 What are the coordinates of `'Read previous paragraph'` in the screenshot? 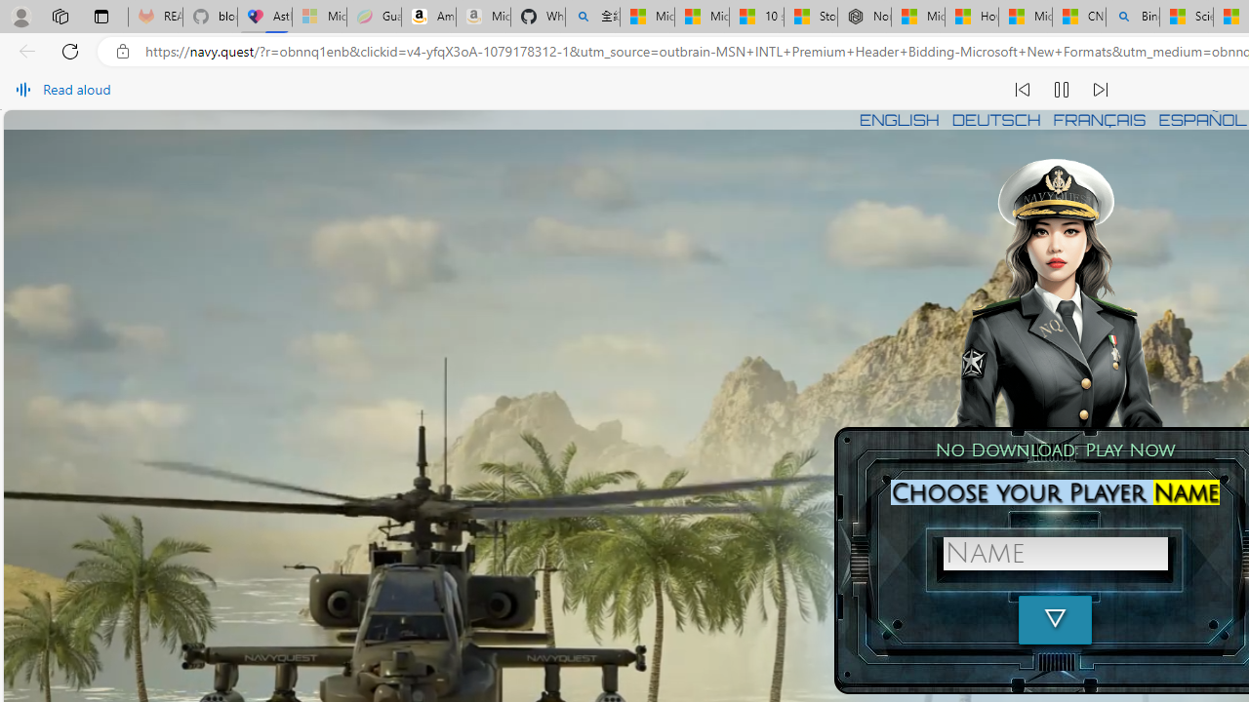 It's located at (1022, 90).